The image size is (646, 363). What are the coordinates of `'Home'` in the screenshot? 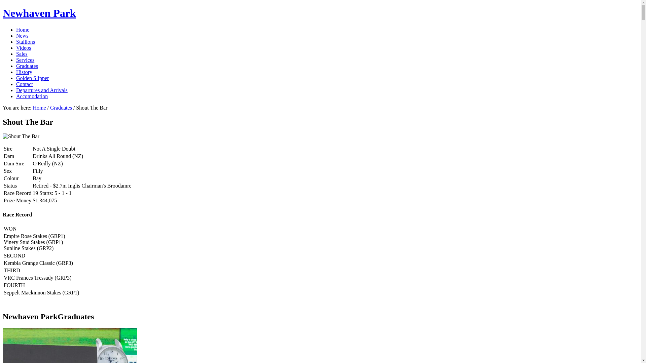 It's located at (16, 29).